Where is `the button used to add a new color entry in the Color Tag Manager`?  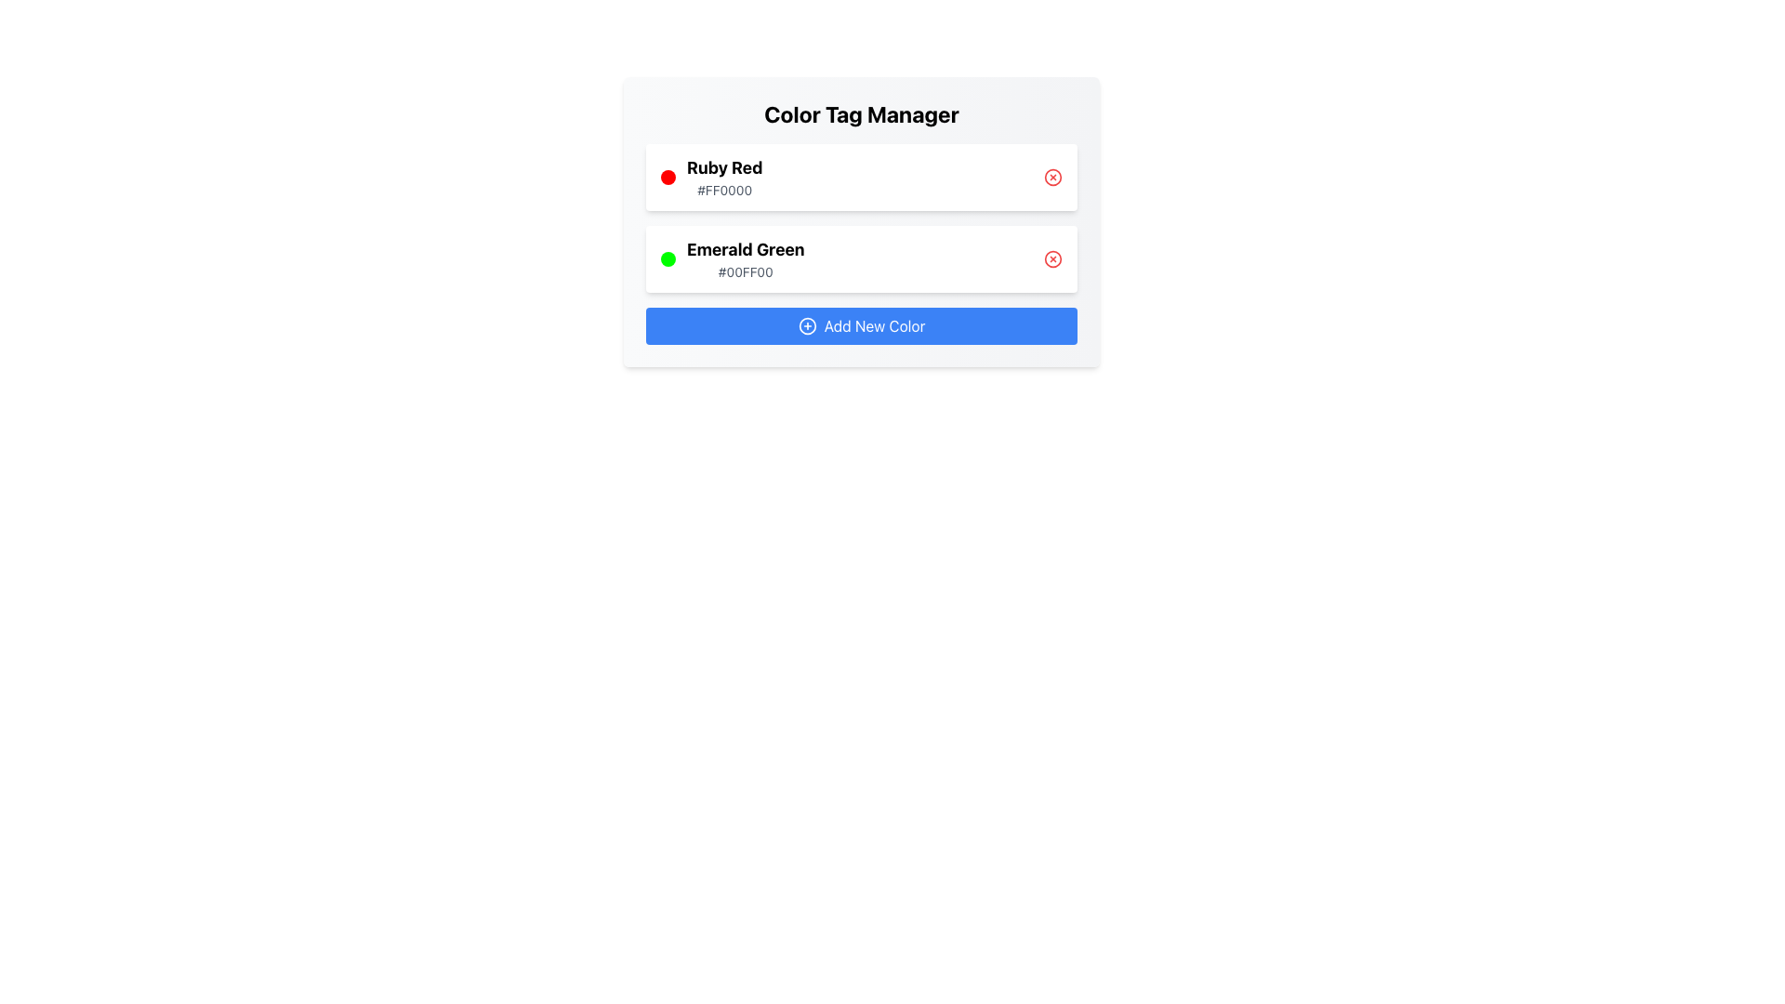 the button used to add a new color entry in the Color Tag Manager is located at coordinates (860, 325).